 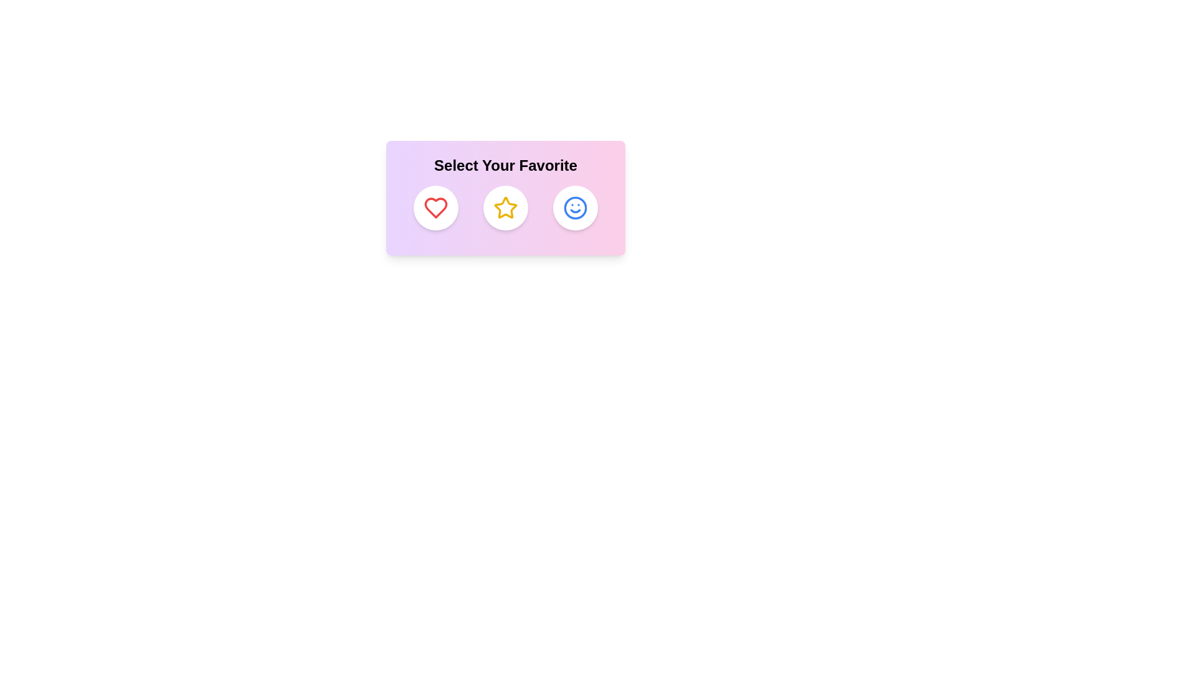 I want to click on the Smile icon to observe its hover effect, so click(x=575, y=208).